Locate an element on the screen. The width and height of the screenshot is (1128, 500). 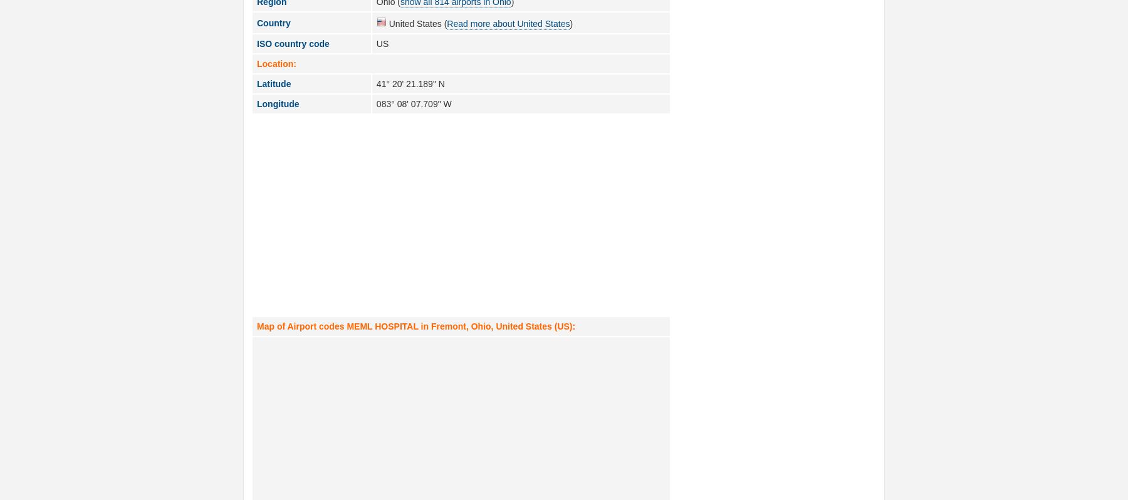
'ISO country code' is located at coordinates (292, 43).